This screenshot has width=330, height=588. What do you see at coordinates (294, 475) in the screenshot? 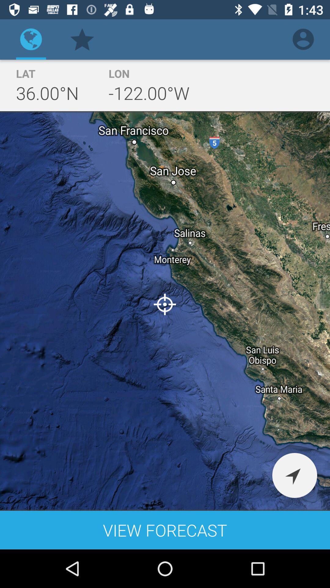
I see `directions from me` at bounding box center [294, 475].